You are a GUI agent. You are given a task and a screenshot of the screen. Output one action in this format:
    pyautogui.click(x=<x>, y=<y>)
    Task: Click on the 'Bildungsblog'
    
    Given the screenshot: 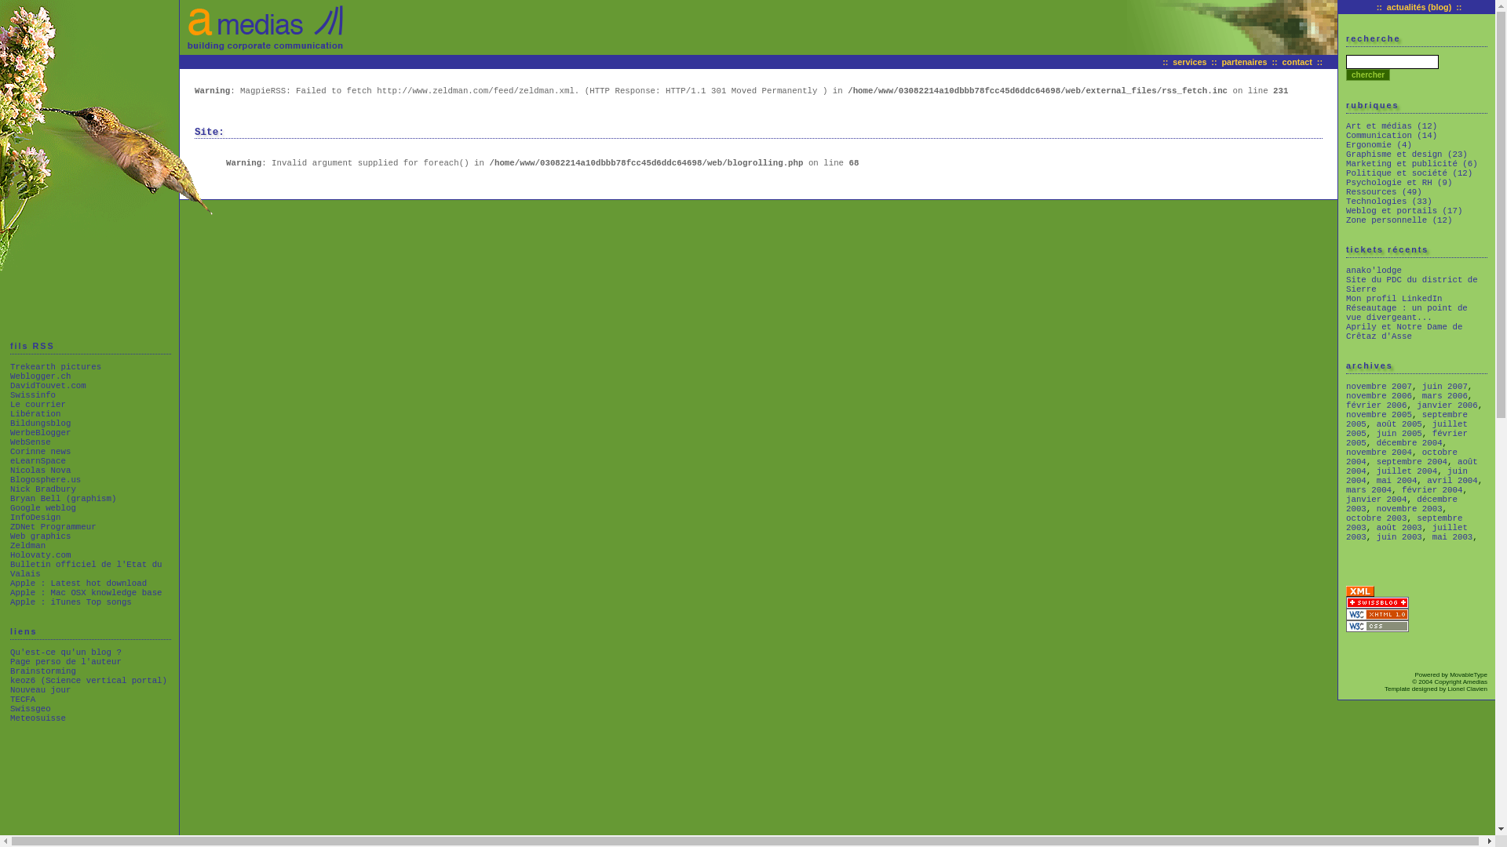 What is the action you would take?
    pyautogui.click(x=40, y=423)
    